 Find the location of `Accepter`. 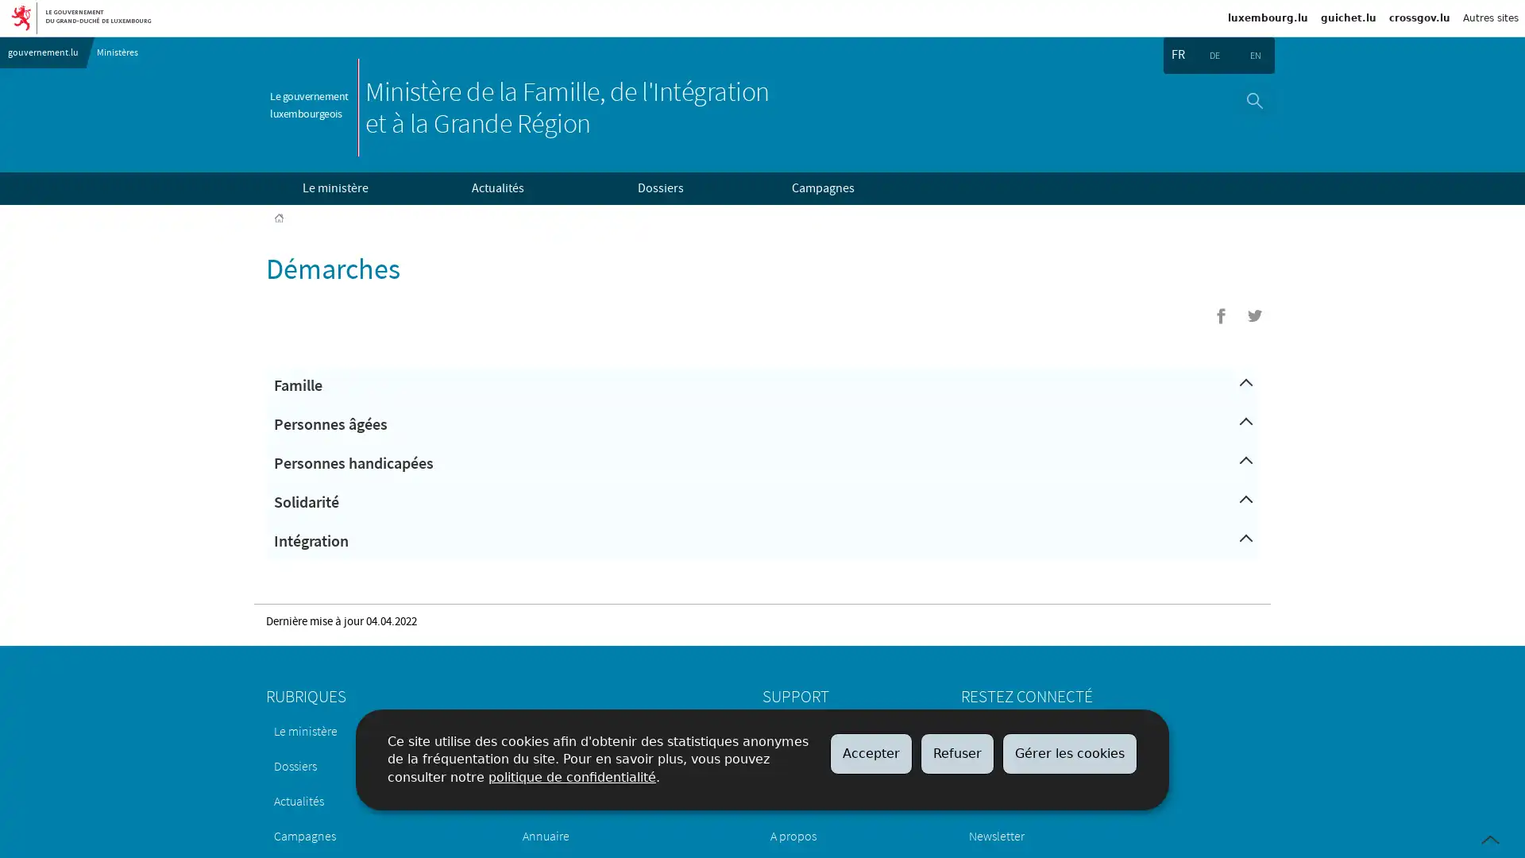

Accepter is located at coordinates (871, 752).